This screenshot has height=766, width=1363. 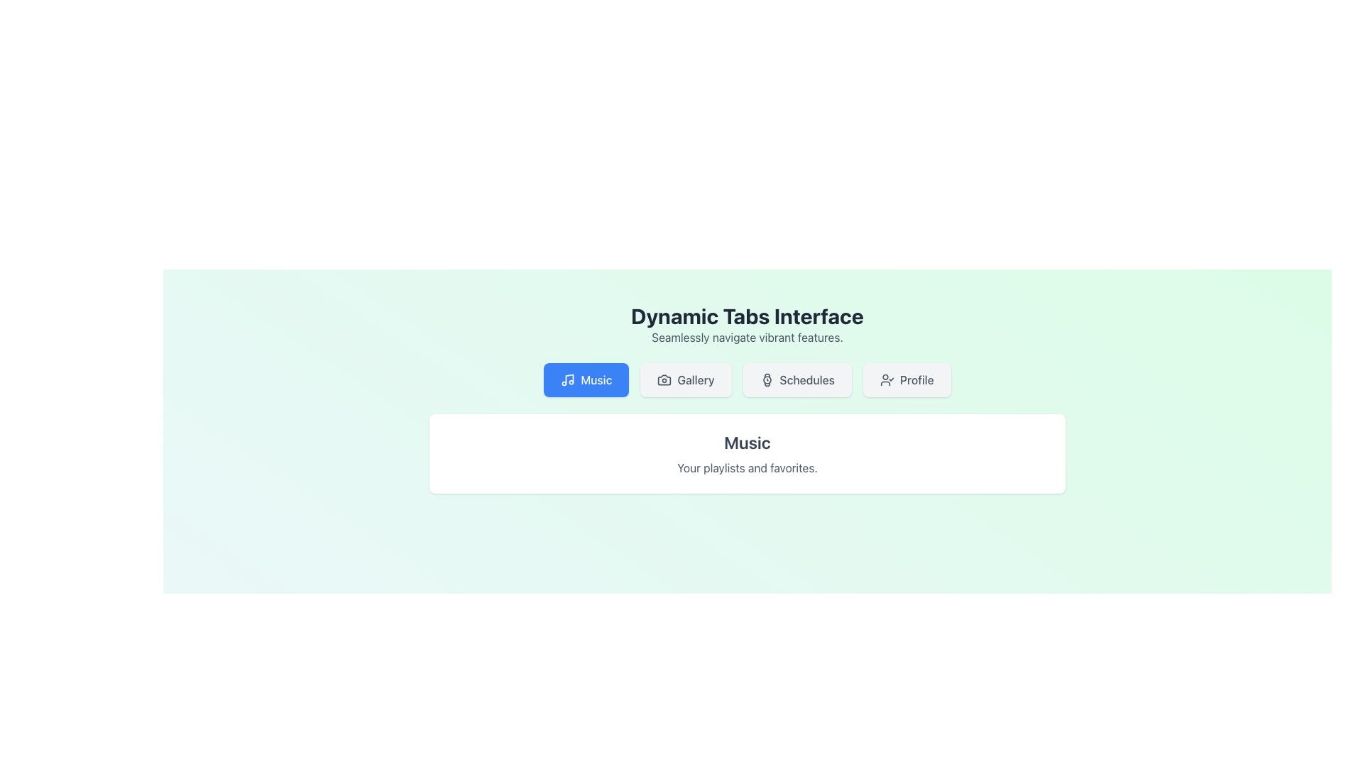 I want to click on the 'Profile' label, which is a textual label in gray font located in the middle-right of the header bar, following the 'Schedules' label, so click(x=916, y=379).